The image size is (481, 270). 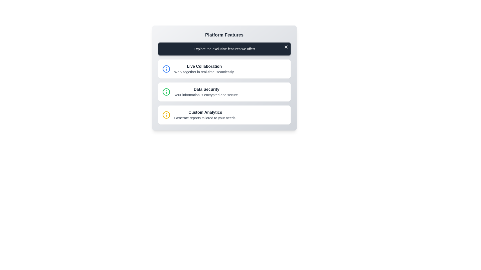 What do you see at coordinates (206, 89) in the screenshot?
I see `contents of the prominently styled text element "Data Security" that is bold and dark gray, located in the second feature block below the "Live Collaboration" title` at bounding box center [206, 89].